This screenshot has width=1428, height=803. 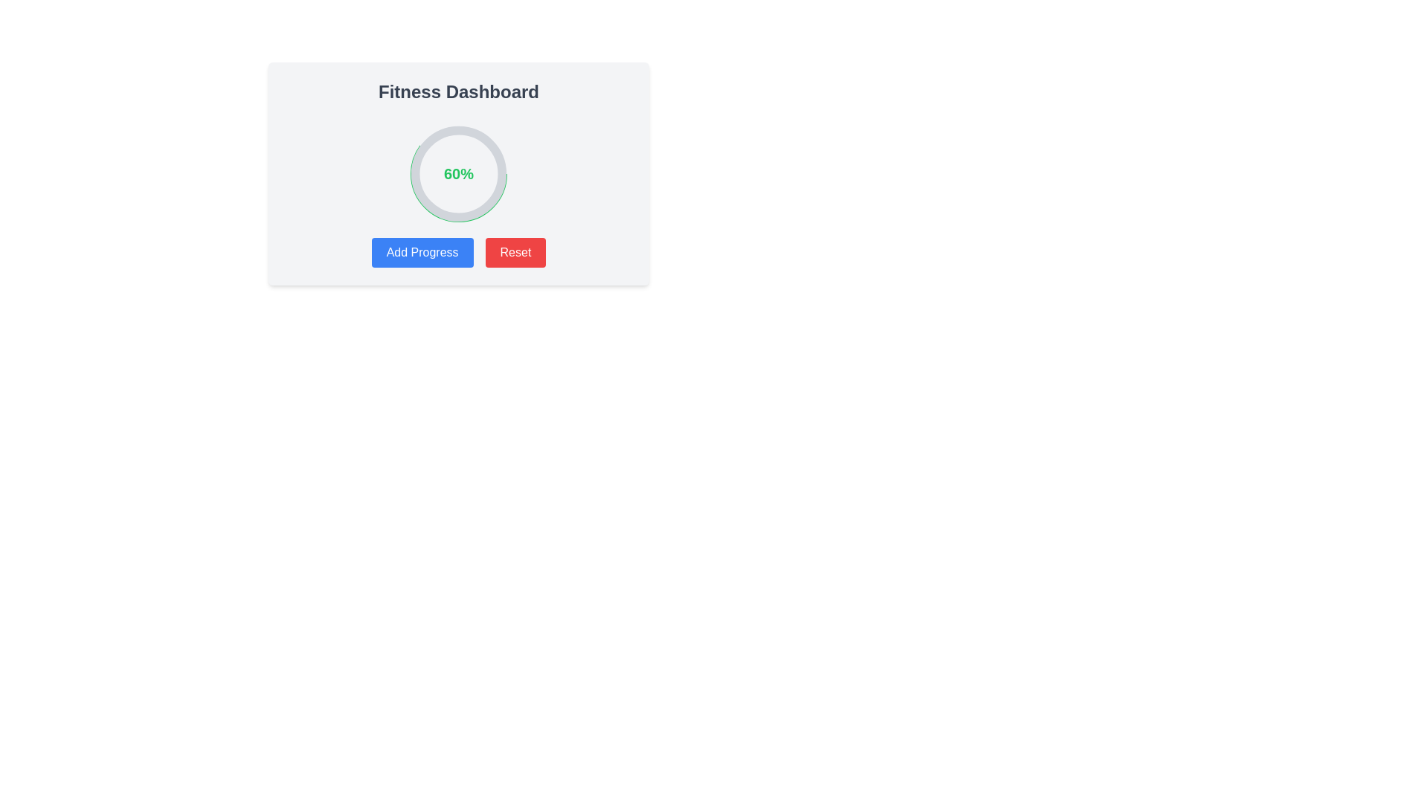 I want to click on the circular progress indicator displaying '60%' which is centered below the 'Fitness Dashboard' title, so click(x=458, y=173).